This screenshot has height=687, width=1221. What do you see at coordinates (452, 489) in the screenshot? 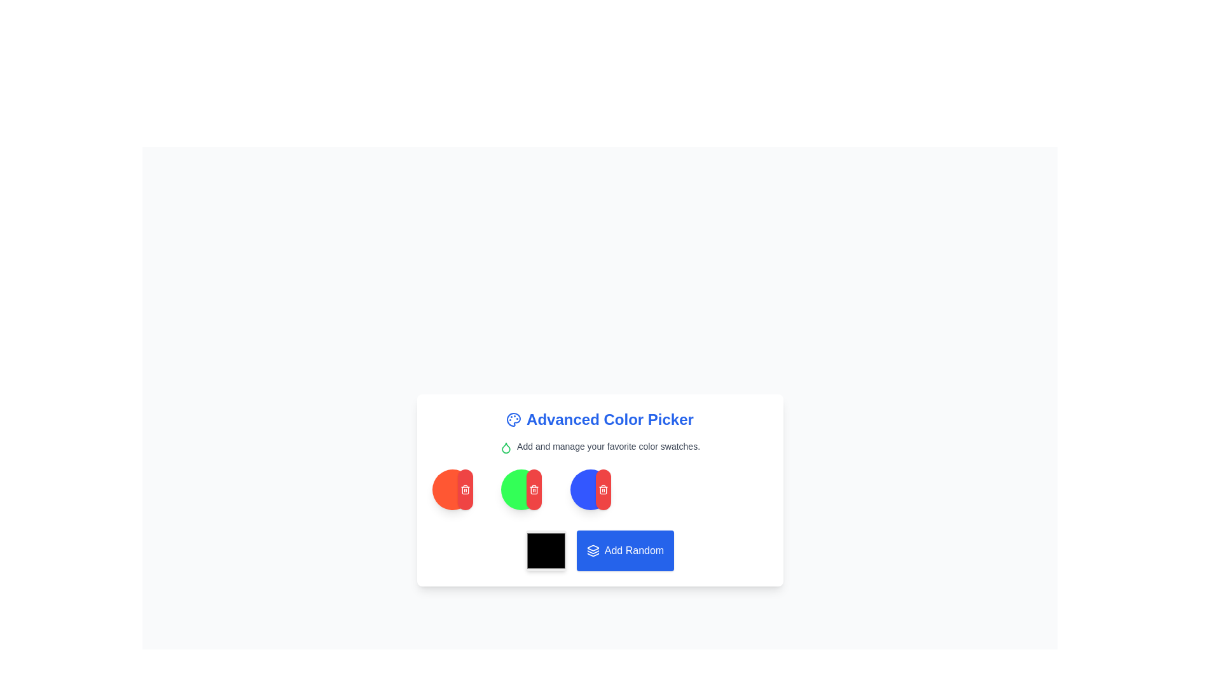
I see `the trash icon on the red circular color swatch` at bounding box center [452, 489].